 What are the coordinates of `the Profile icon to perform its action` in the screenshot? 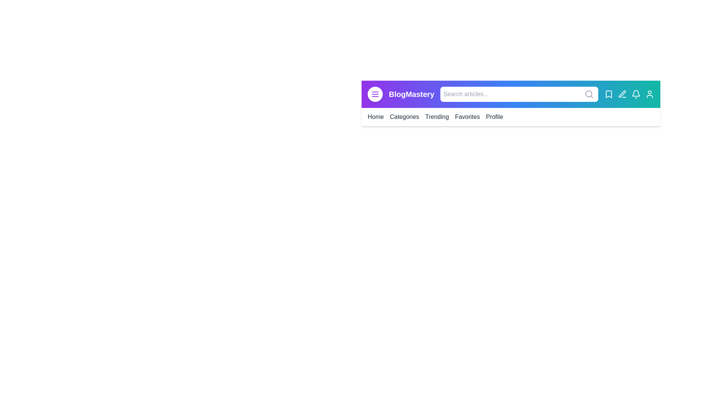 It's located at (649, 94).